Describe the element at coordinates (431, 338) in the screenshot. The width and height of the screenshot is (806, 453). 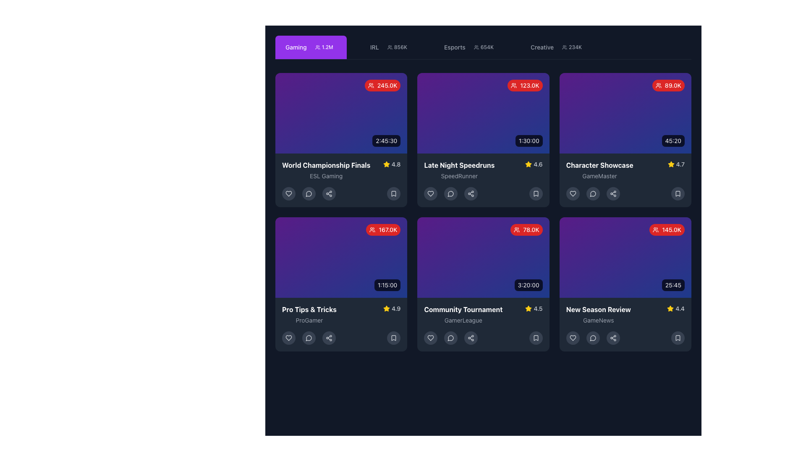
I see `the circular button with a dark-gray background and a white heart icon in the center, located in the bottom row of the grid below the 'Community Tournament' card, to favorite or like the associated content` at that location.